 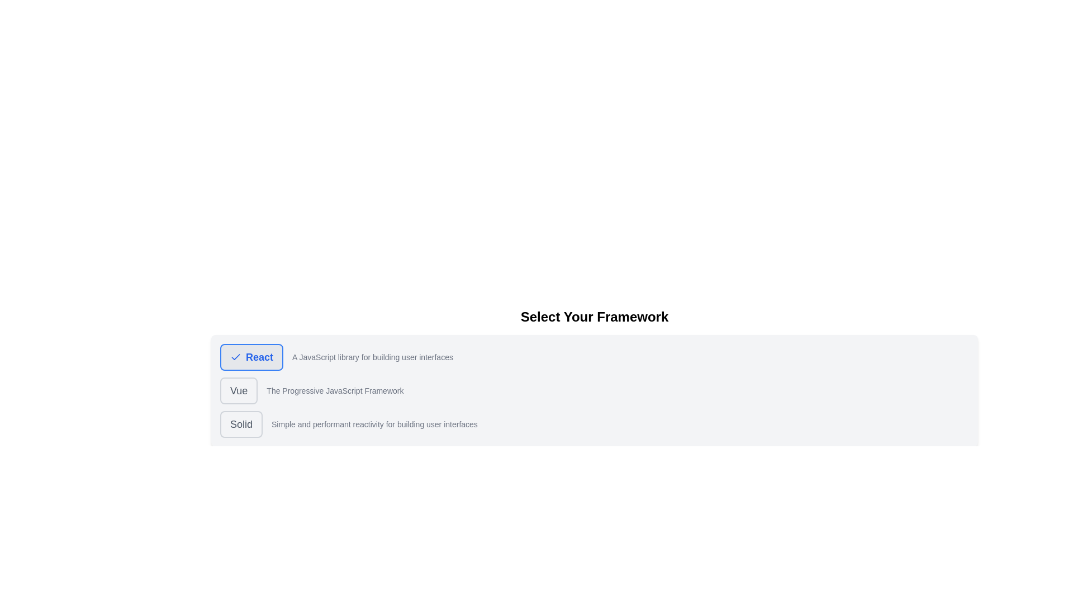 I want to click on the text label that reads 'A JavaScript library for building user interfaces', which is styled in a smaller gray font and located to the right of a large clickable React button, so click(x=373, y=357).